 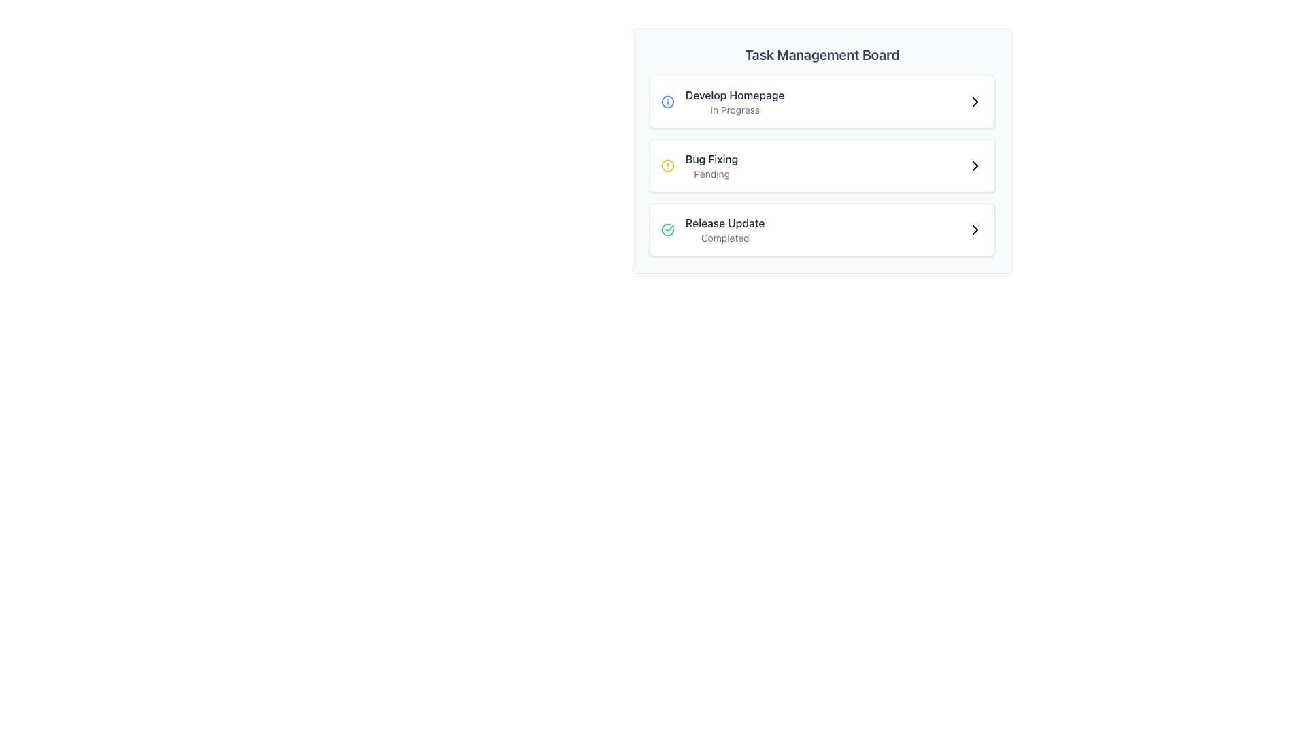 What do you see at coordinates (668, 229) in the screenshot?
I see `the visual indicator icon that signifies the successful completion of the 'Release Update' task, located to the left of the task label` at bounding box center [668, 229].